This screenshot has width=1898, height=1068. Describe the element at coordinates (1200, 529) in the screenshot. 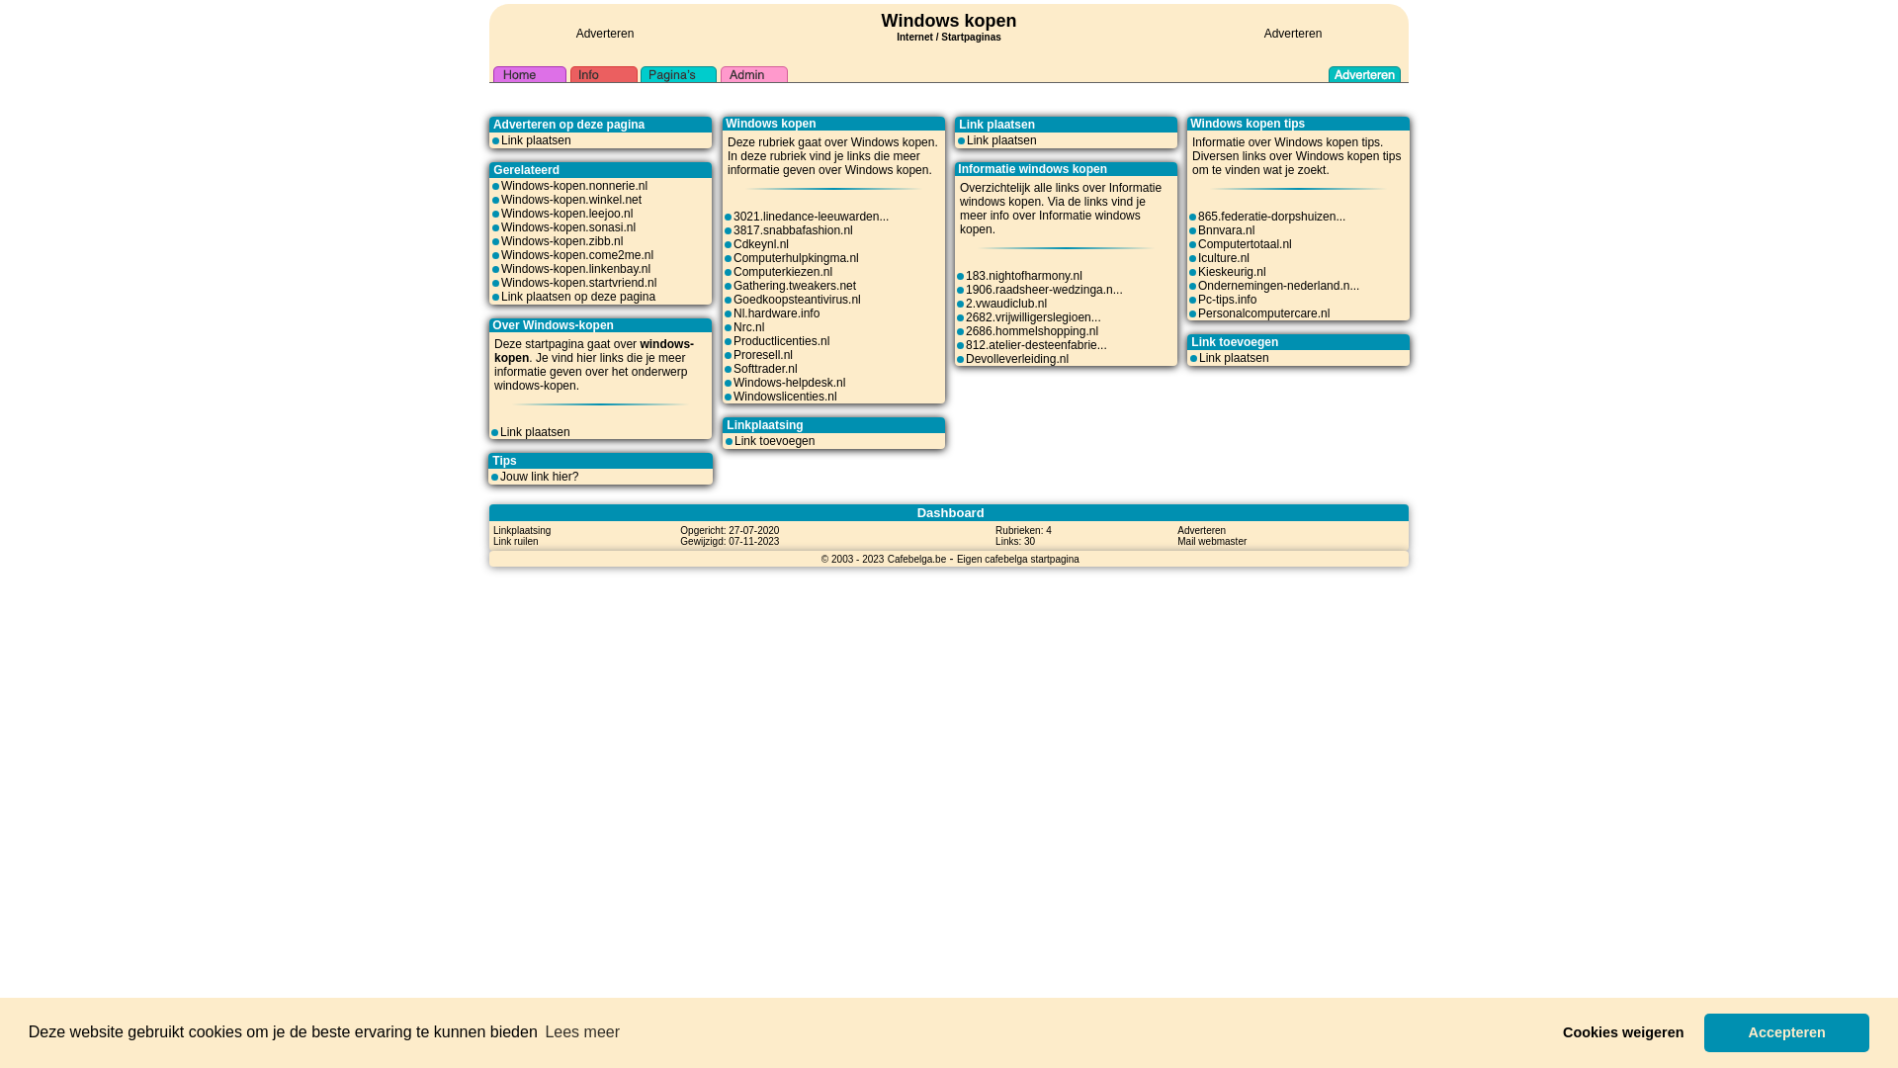

I see `'Adverteren'` at that location.